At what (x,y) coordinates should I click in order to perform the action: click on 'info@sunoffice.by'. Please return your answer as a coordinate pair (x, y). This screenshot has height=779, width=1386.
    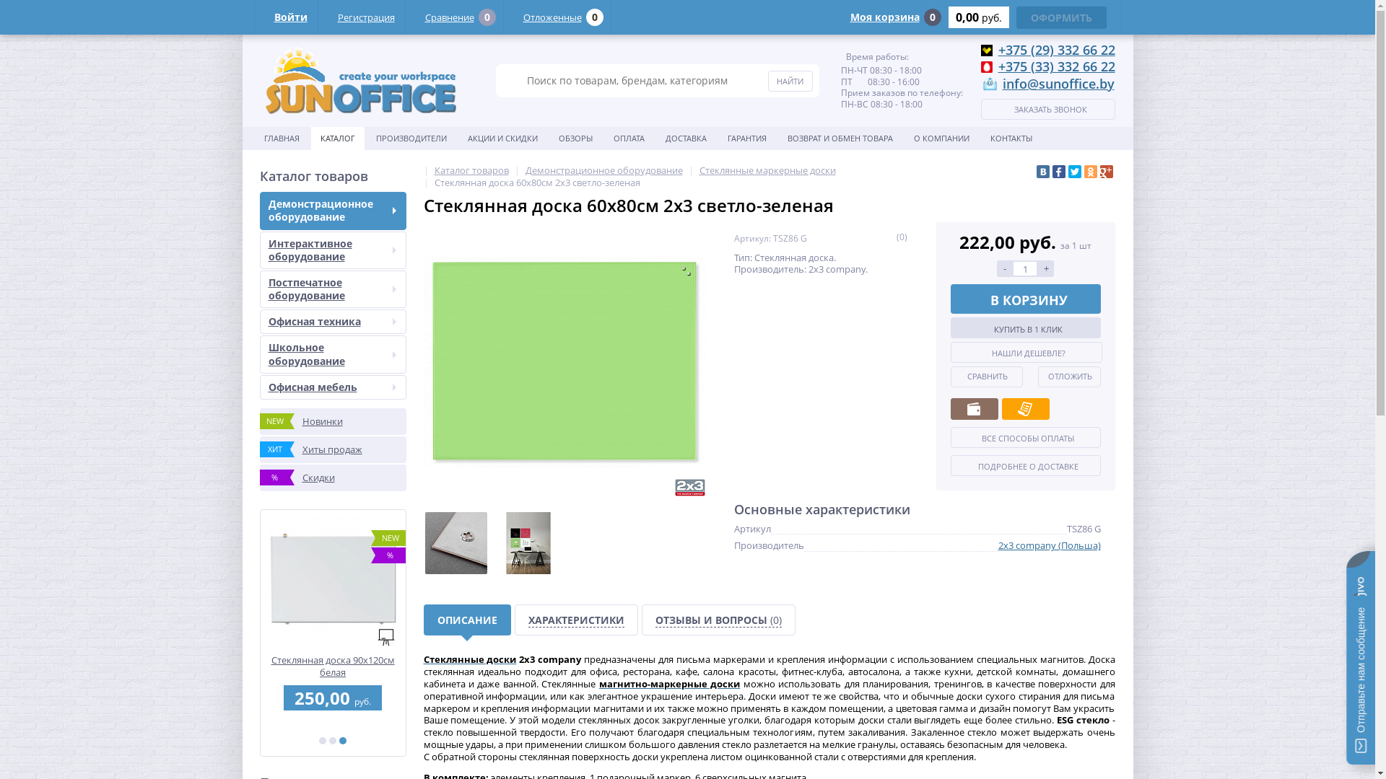
    Looking at the image, I should click on (1058, 83).